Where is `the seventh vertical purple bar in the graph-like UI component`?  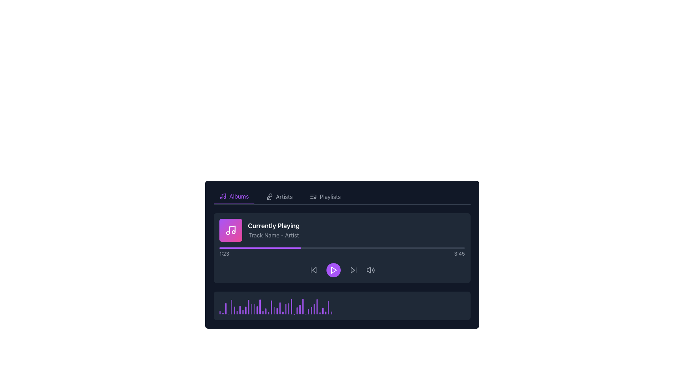 the seventh vertical purple bar in the graph-like UI component is located at coordinates (237, 312).